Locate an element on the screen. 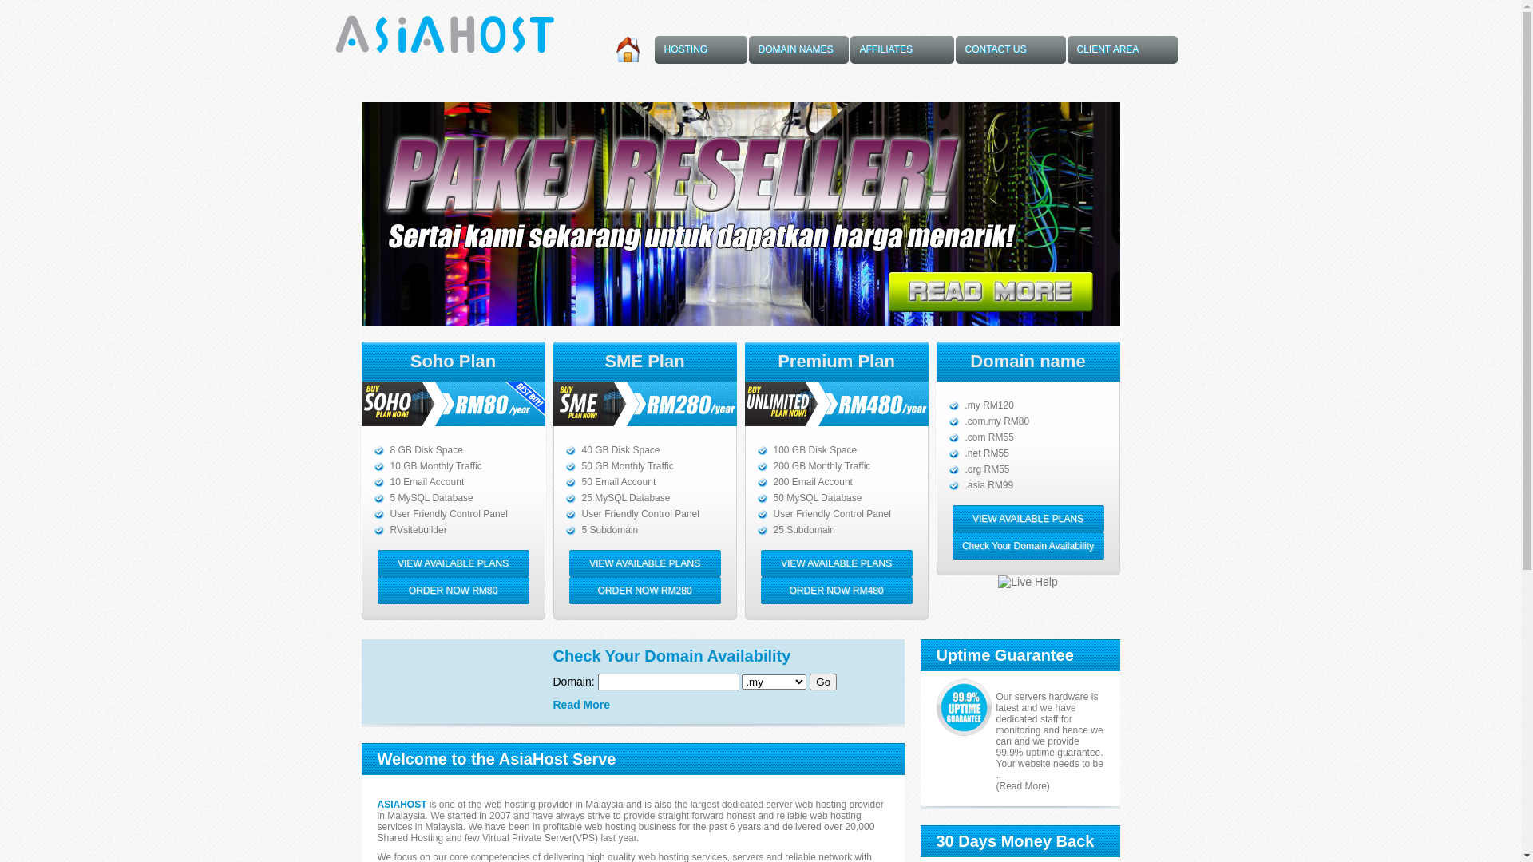 The width and height of the screenshot is (1533, 862). 'HOSTING' is located at coordinates (701, 49).